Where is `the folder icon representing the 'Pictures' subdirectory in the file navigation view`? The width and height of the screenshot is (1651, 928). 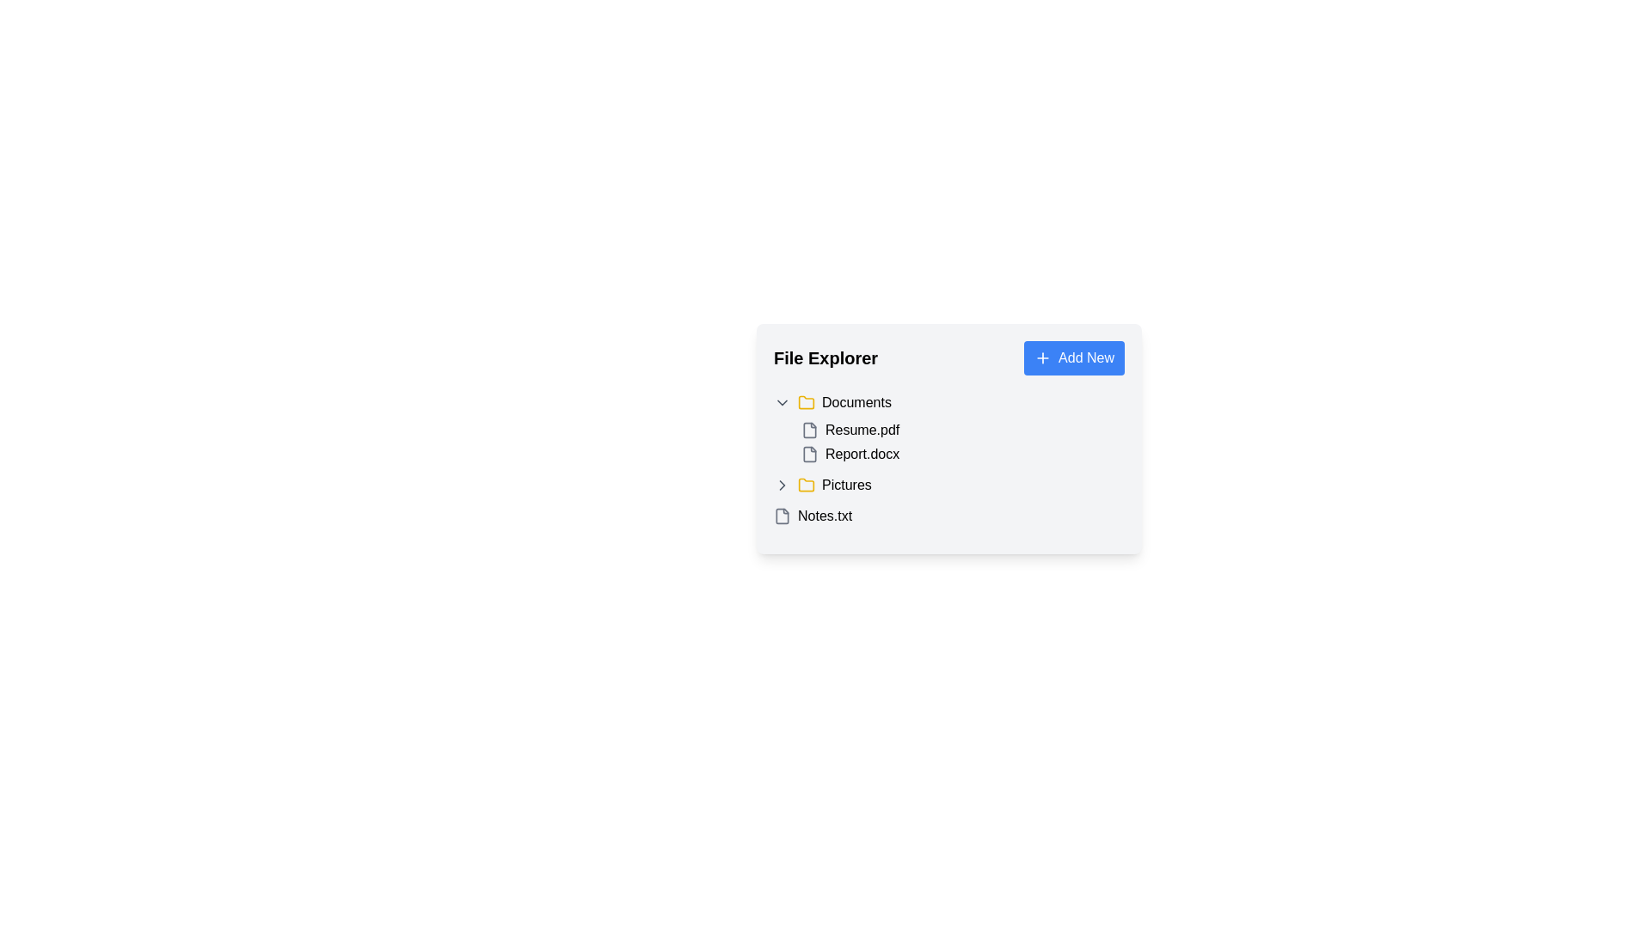
the folder icon representing the 'Pictures' subdirectory in the file navigation view is located at coordinates (805, 484).